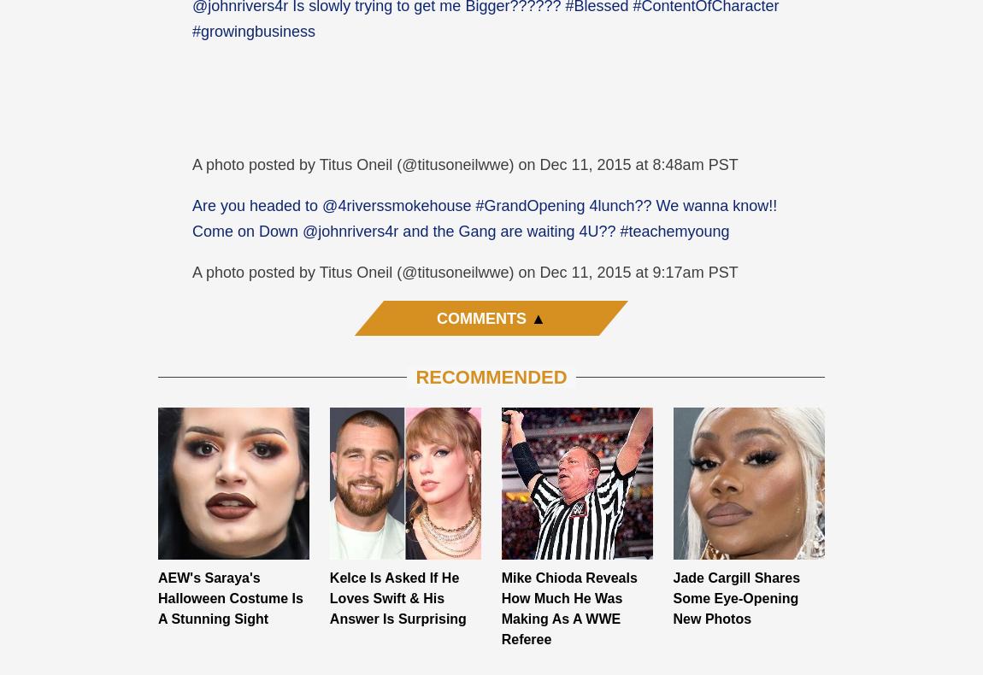  I want to click on 'Kelce Is Asked If He Loves Swift & His Answer Is Surprising', so click(397, 596).